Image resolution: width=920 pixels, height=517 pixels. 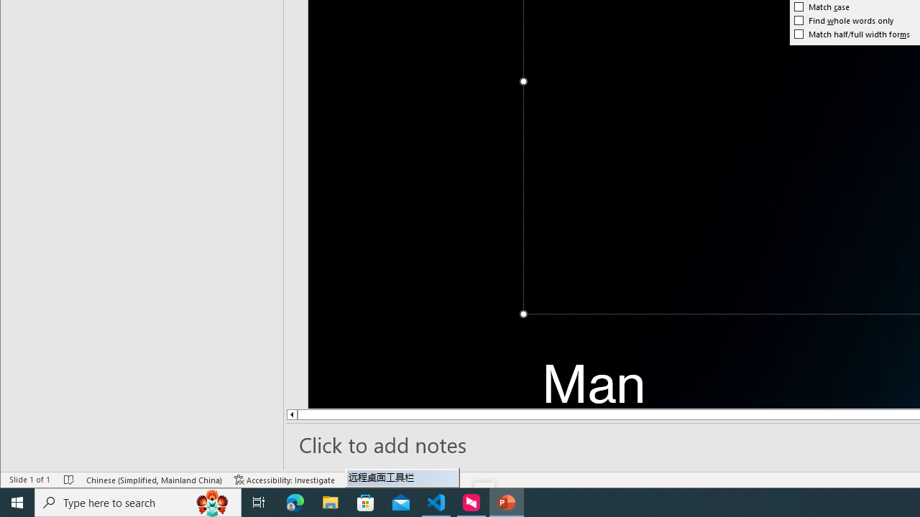 What do you see at coordinates (852, 34) in the screenshot?
I see `'Match half/full width forms'` at bounding box center [852, 34].